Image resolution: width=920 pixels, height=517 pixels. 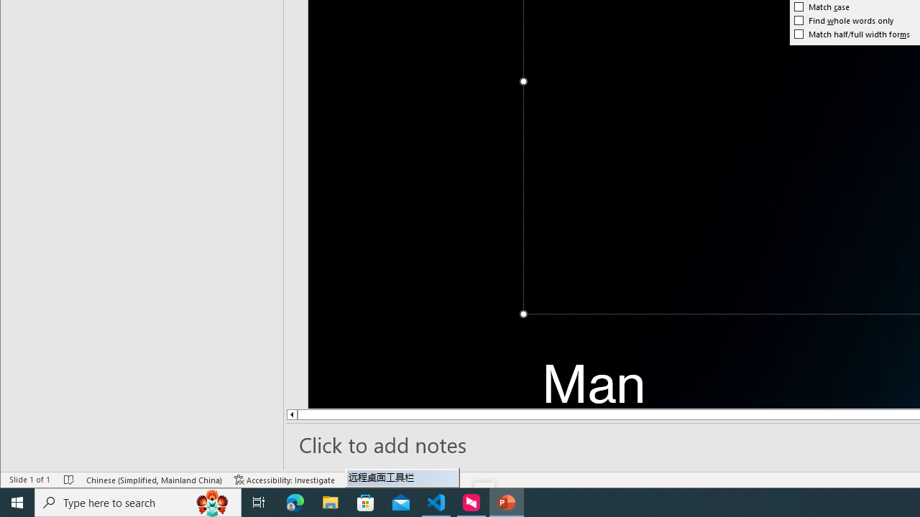 What do you see at coordinates (852, 34) in the screenshot?
I see `'Match half/full width forms'` at bounding box center [852, 34].